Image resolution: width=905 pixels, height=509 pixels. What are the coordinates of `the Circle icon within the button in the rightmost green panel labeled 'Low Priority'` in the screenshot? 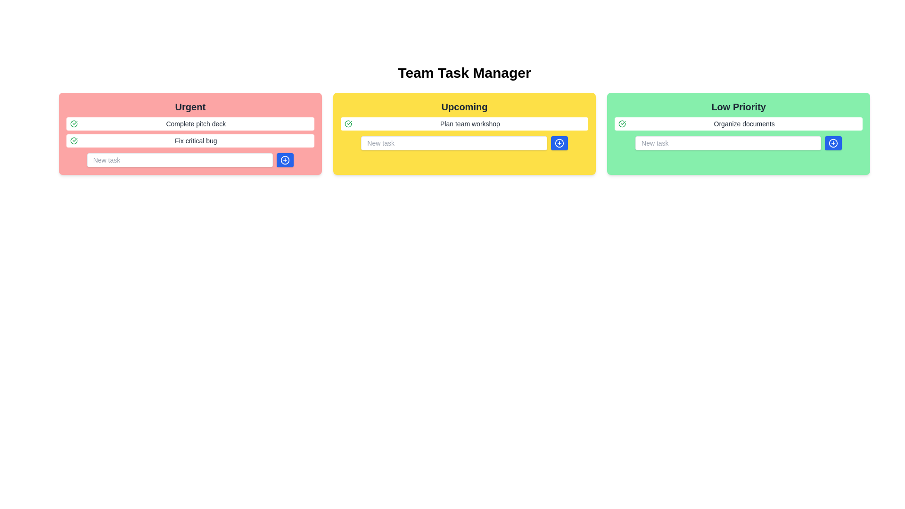 It's located at (833, 143).